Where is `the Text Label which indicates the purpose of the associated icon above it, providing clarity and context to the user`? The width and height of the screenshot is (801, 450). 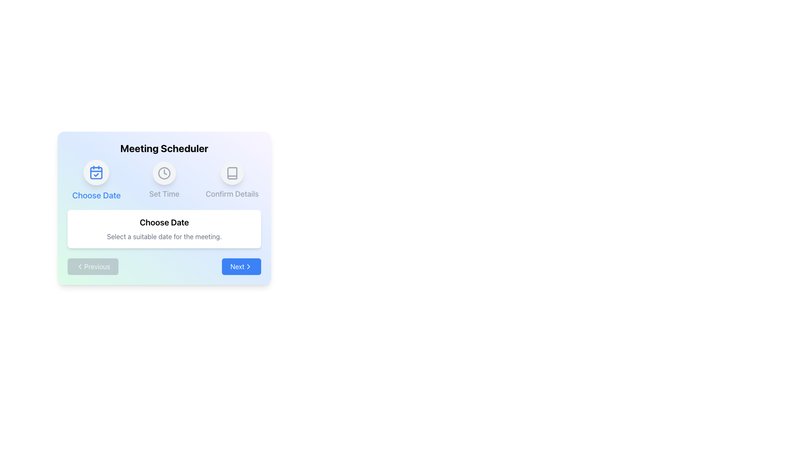 the Text Label which indicates the purpose of the associated icon above it, providing clarity and context to the user is located at coordinates (96, 195).